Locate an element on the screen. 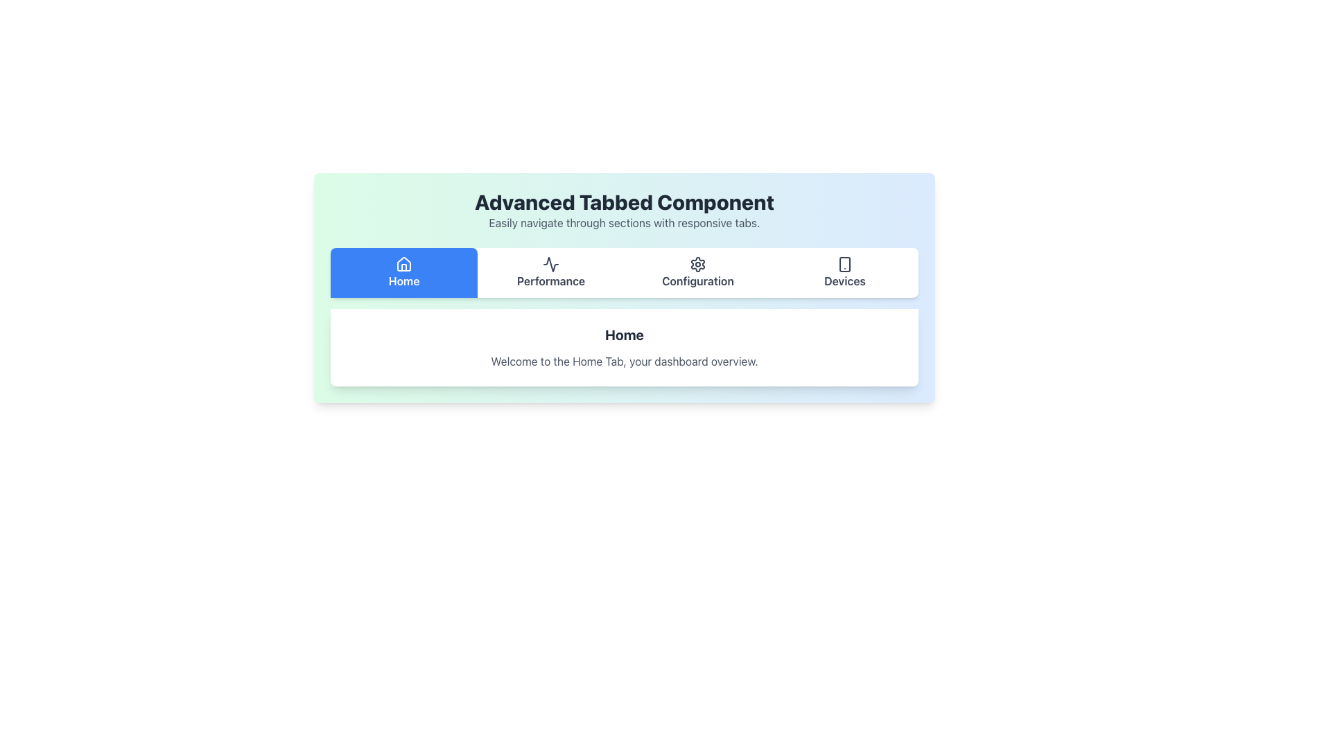 Image resolution: width=1331 pixels, height=748 pixels. the 'Configuration' tab icon in the navigation bar is located at coordinates (698, 264).